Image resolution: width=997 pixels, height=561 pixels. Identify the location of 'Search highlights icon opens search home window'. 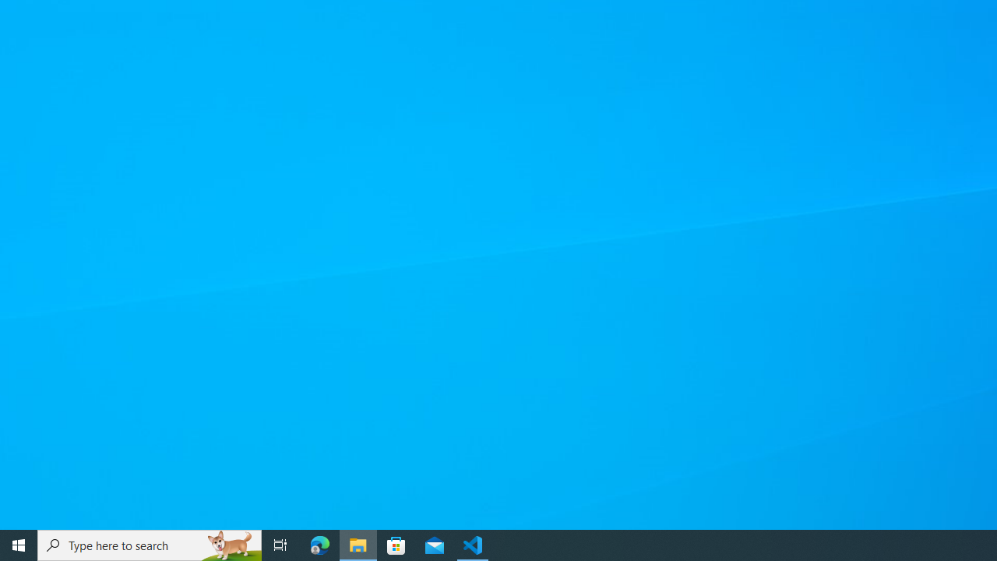
(229, 544).